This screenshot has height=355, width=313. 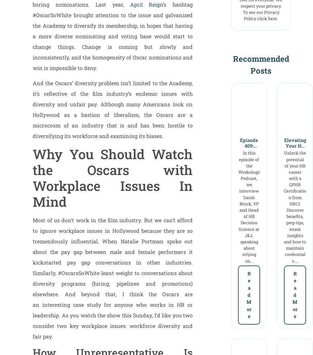 I want to click on 'April Reign', so click(x=146, y=4).